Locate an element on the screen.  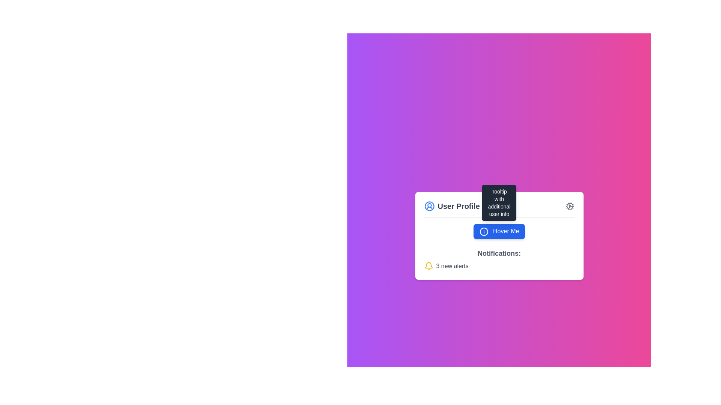
the settings control icon located in the upper right corner of the 'User Profile' section is located at coordinates (570, 206).